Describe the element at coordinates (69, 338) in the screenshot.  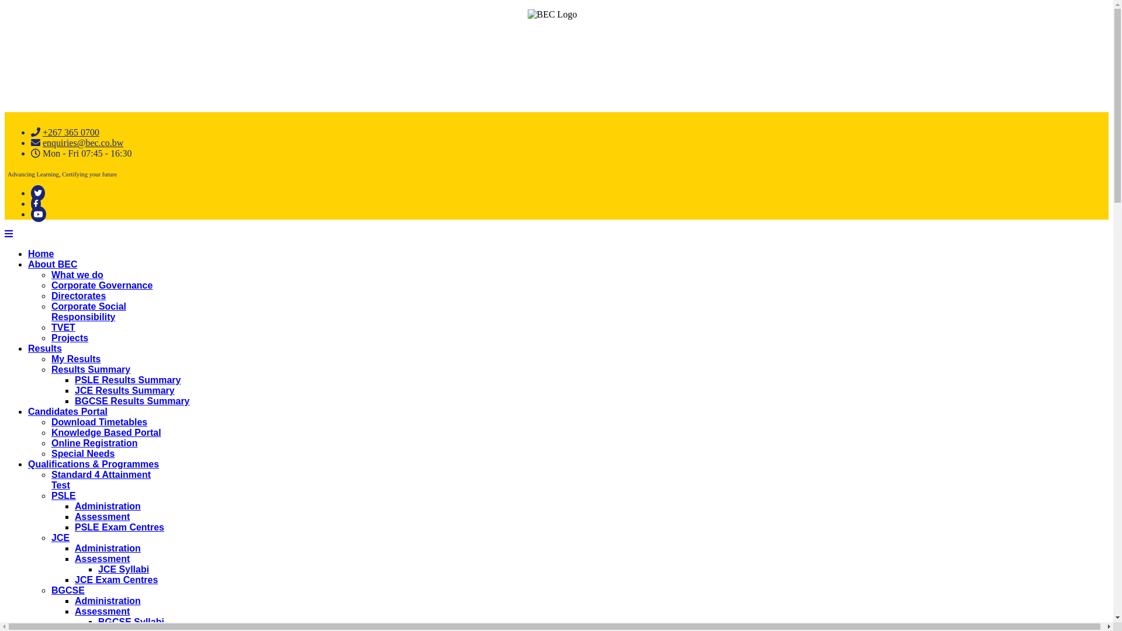
I see `'Projects'` at that location.